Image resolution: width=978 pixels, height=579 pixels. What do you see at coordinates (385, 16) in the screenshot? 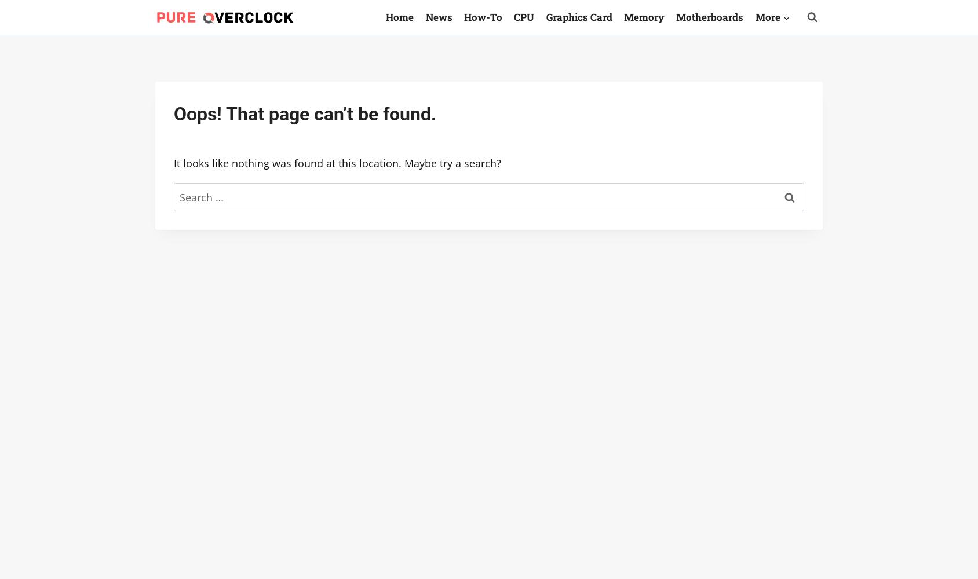
I see `'Home'` at bounding box center [385, 16].